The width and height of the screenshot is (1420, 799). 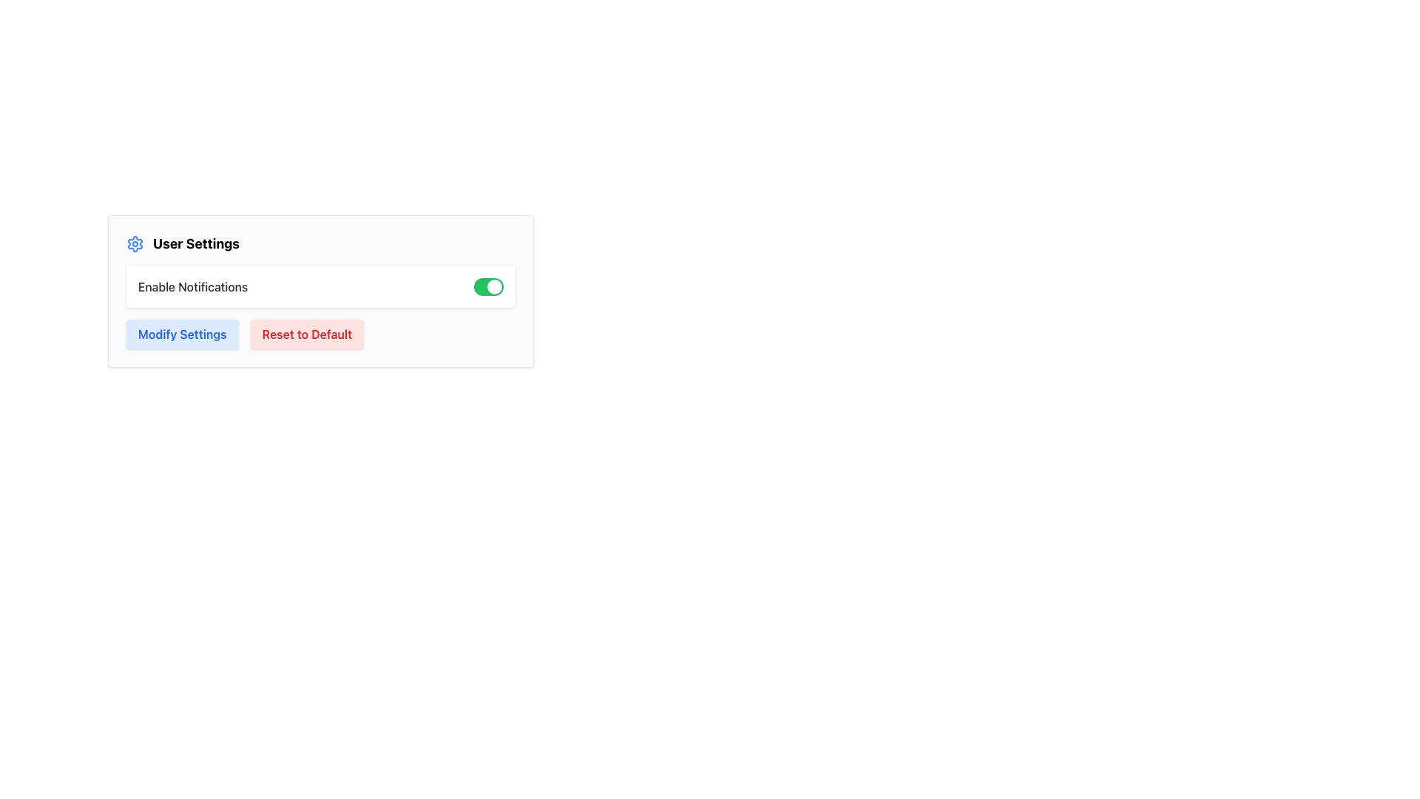 I want to click on the blue gear-like icon that represents the settings configuration, located to the left of the 'User Settings' title text in the top-left corner of the User Settings card, so click(x=135, y=243).